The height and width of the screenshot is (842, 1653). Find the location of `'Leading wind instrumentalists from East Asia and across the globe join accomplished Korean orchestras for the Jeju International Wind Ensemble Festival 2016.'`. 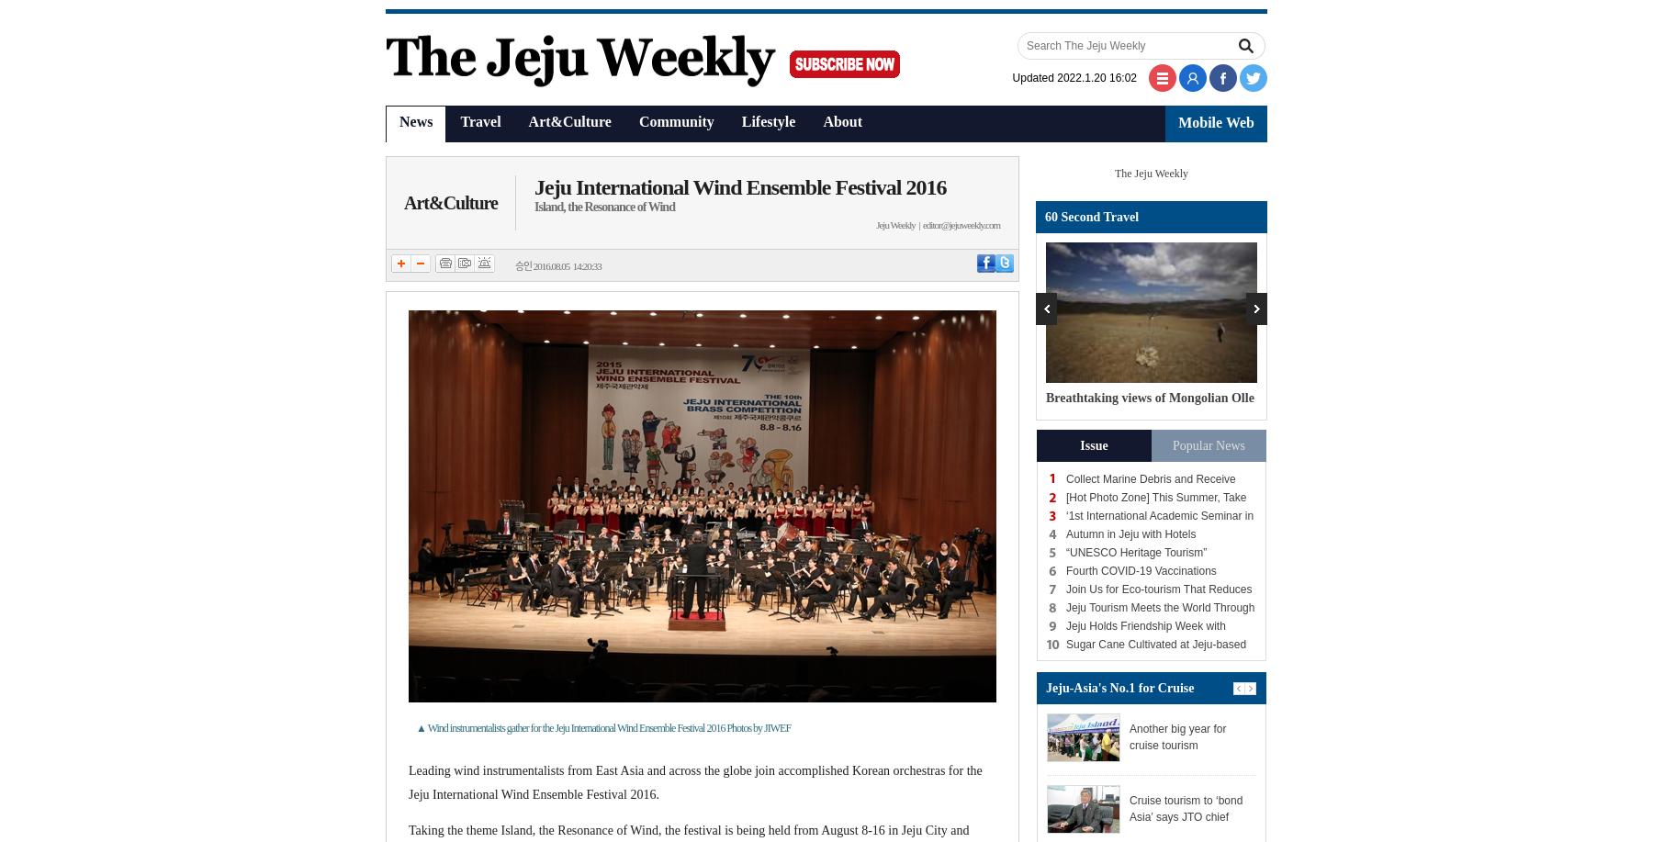

'Leading wind instrumentalists from East Asia and across the globe join accomplished Korean orchestras for the Jeju International Wind Ensemble Festival 2016.' is located at coordinates (694, 781).